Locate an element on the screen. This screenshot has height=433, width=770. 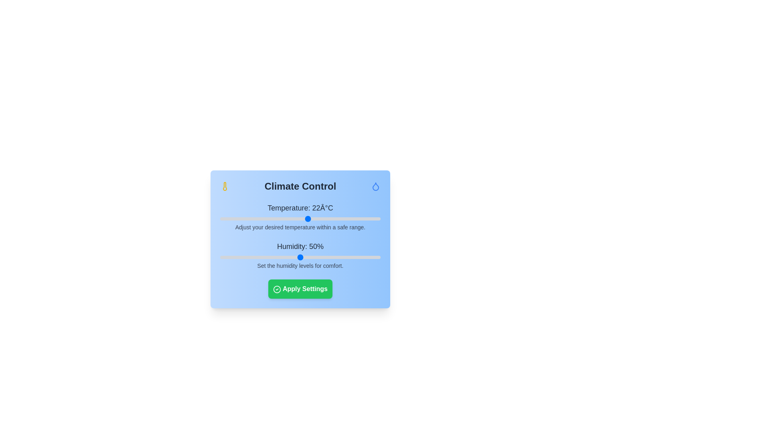
the SVG Circle element within the 'Apply Settings' button of the Climate Control widget, which serves as a visual indicator or iconography is located at coordinates (277, 289).